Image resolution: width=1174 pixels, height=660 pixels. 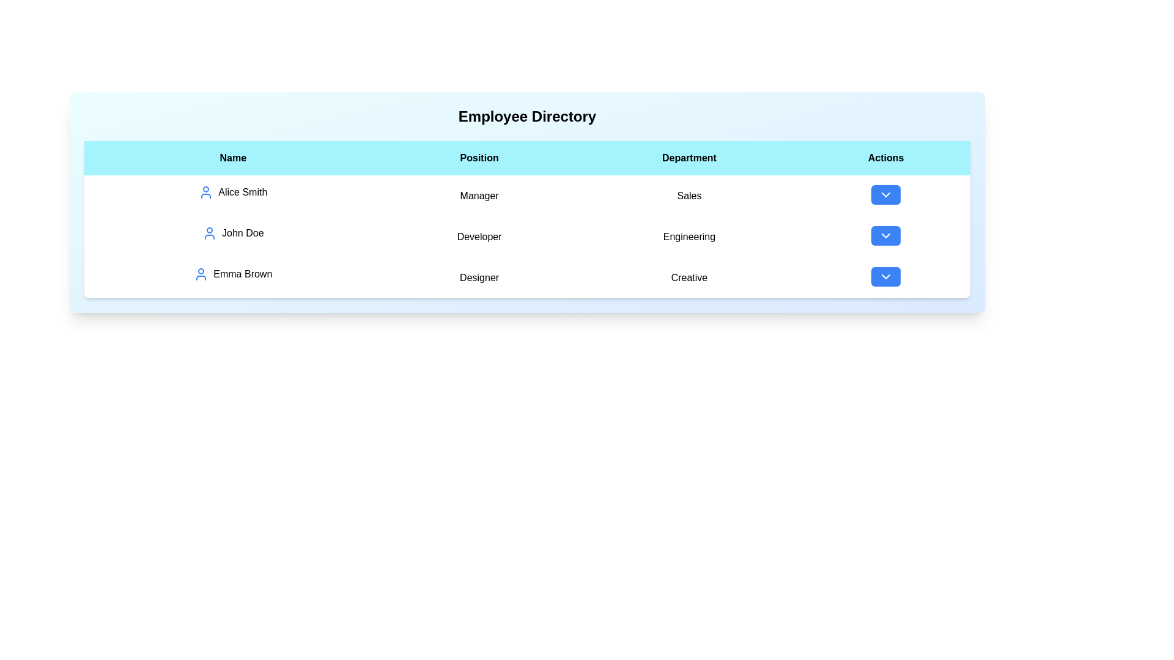 I want to click on the user icon representing 'John Doe' in the employee directory table, located in the second row of the 'Name' column, so click(x=210, y=233).